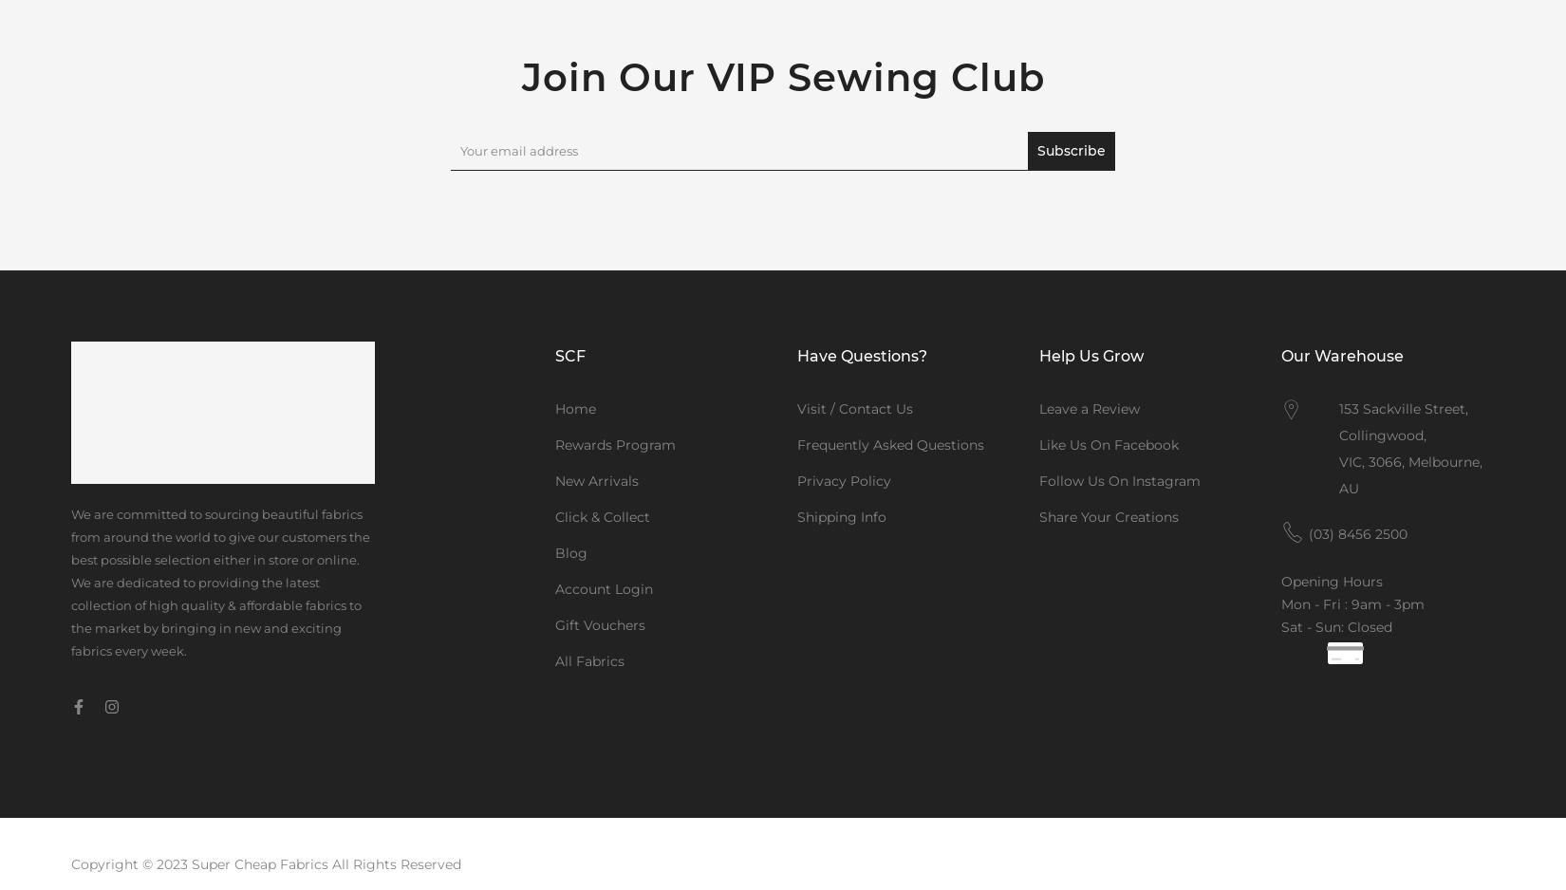 The width and height of the screenshot is (1566, 890). I want to click on 'Gift Vouchers', so click(599, 624).